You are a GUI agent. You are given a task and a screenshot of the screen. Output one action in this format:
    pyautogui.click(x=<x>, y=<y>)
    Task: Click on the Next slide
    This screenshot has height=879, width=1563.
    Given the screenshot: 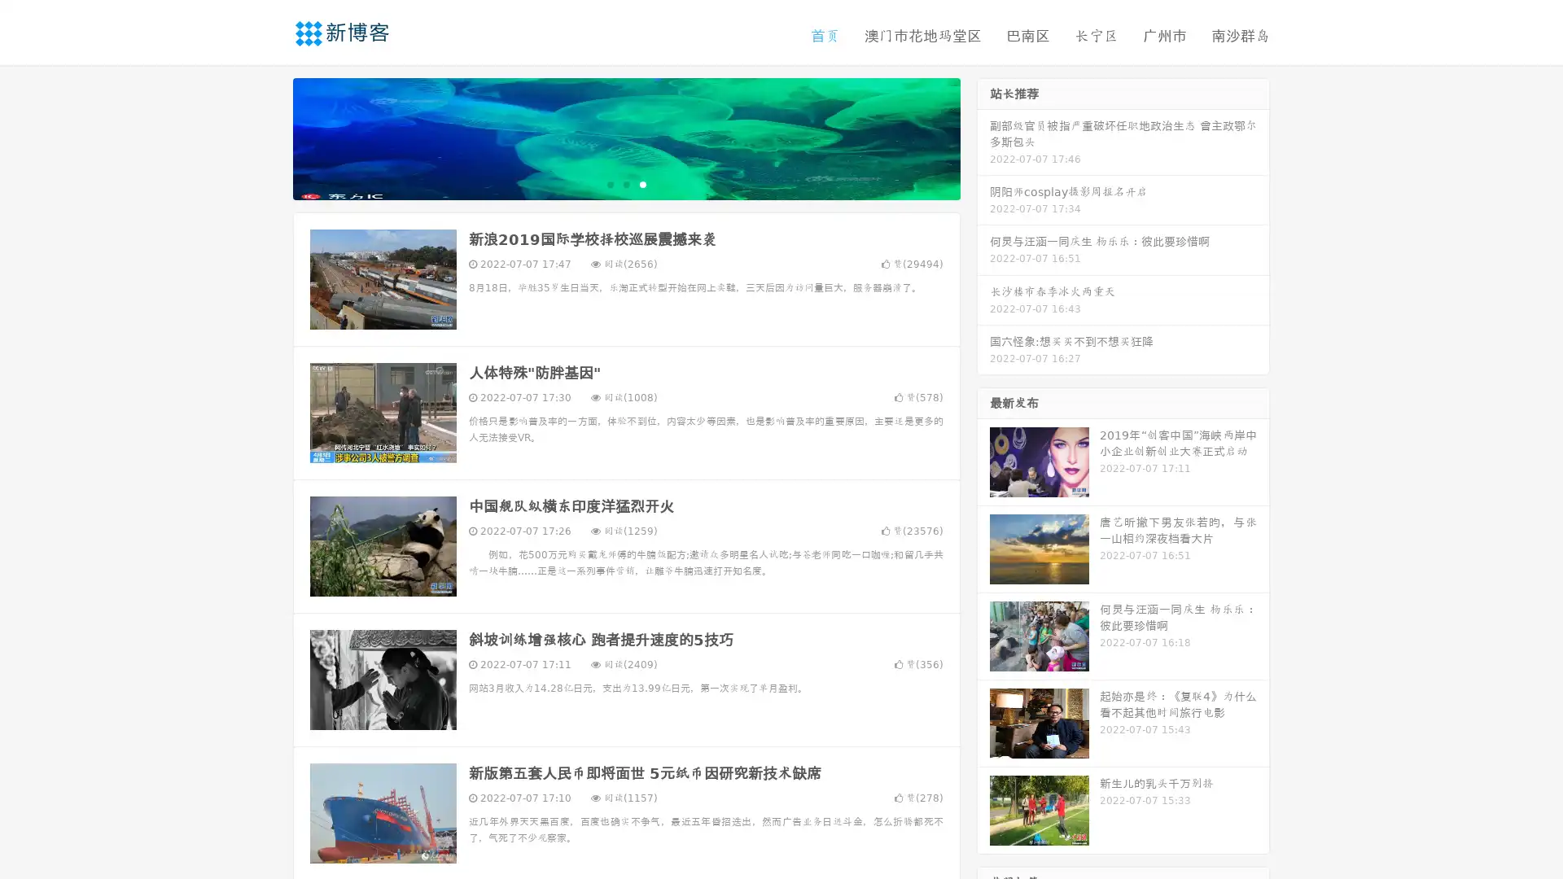 What is the action you would take?
    pyautogui.click(x=983, y=137)
    